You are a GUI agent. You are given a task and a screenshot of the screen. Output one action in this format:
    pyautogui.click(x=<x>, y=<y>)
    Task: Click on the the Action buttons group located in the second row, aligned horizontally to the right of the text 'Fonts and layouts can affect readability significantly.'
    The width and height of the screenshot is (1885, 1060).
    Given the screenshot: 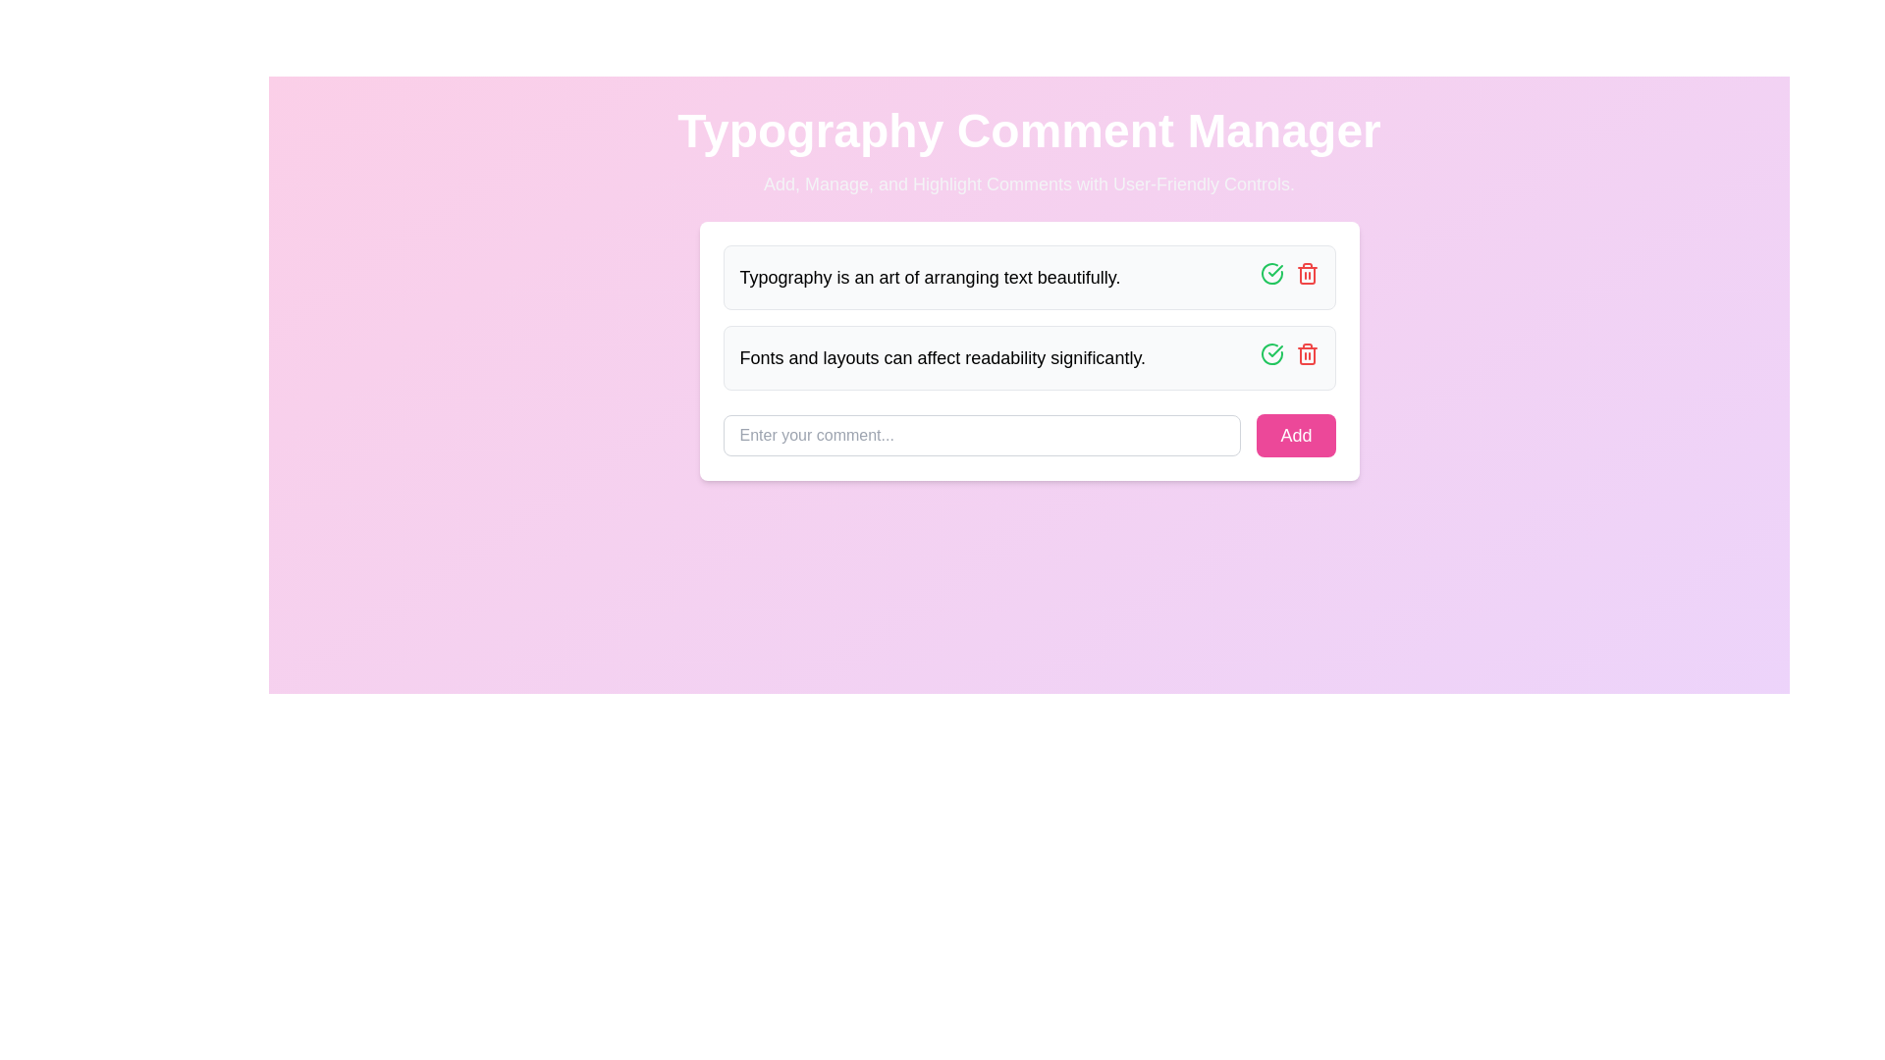 What is the action you would take?
    pyautogui.click(x=1289, y=358)
    